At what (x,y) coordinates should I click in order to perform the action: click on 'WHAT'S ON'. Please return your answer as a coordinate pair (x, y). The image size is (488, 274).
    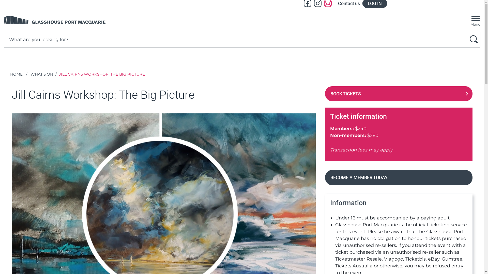
    Looking at the image, I should click on (42, 74).